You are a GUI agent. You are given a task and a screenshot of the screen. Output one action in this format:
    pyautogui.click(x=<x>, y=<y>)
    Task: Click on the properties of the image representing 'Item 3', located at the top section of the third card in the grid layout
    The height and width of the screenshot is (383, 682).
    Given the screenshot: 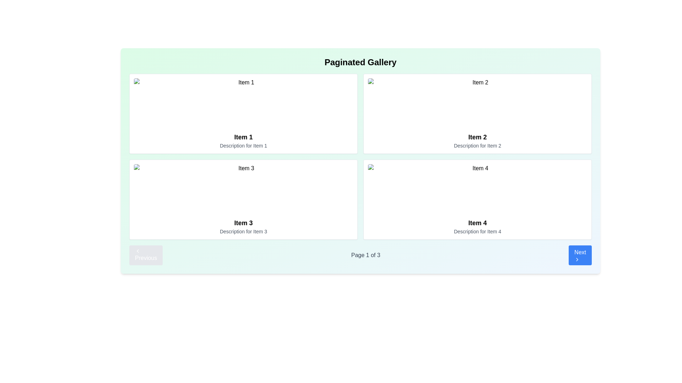 What is the action you would take?
    pyautogui.click(x=243, y=189)
    